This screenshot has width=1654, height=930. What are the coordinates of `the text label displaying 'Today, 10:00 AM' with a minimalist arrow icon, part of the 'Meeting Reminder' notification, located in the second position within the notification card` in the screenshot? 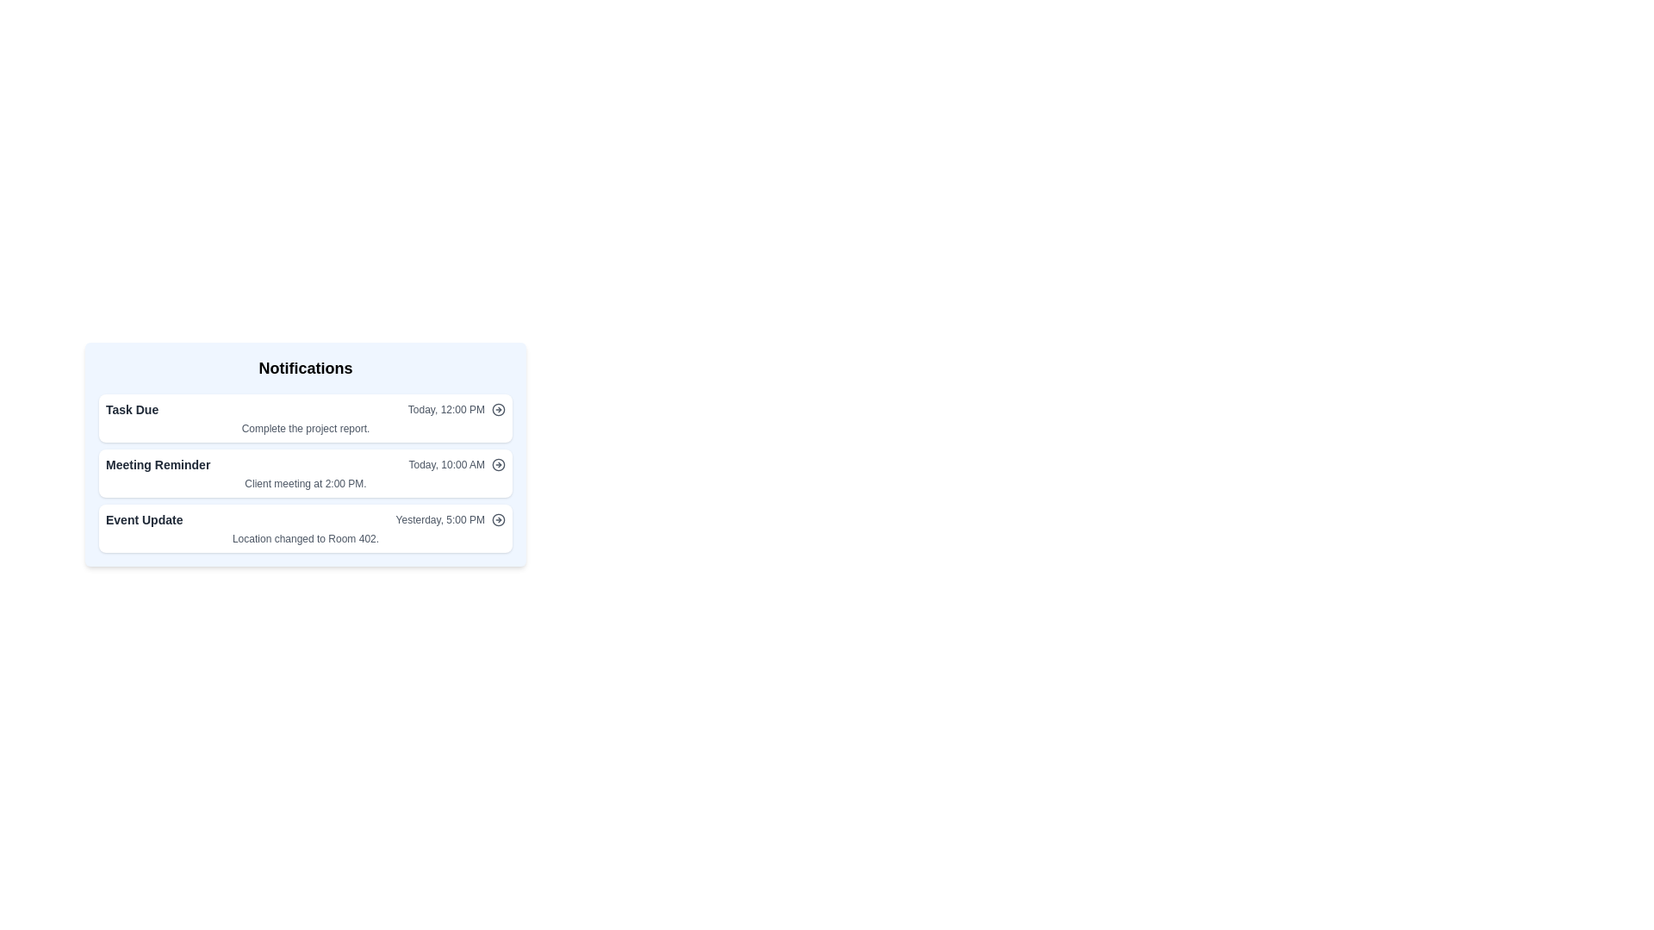 It's located at (457, 465).